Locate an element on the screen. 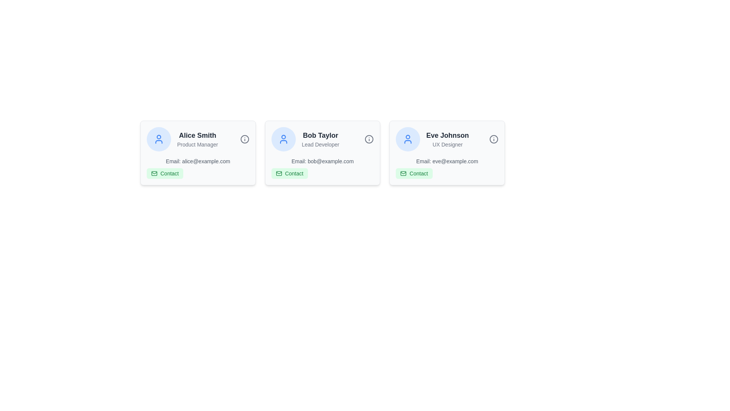  text display element that provides the name and professional title of an individual, located at the top of the first card in a group of three horizontally aligned cards is located at coordinates (197, 139).